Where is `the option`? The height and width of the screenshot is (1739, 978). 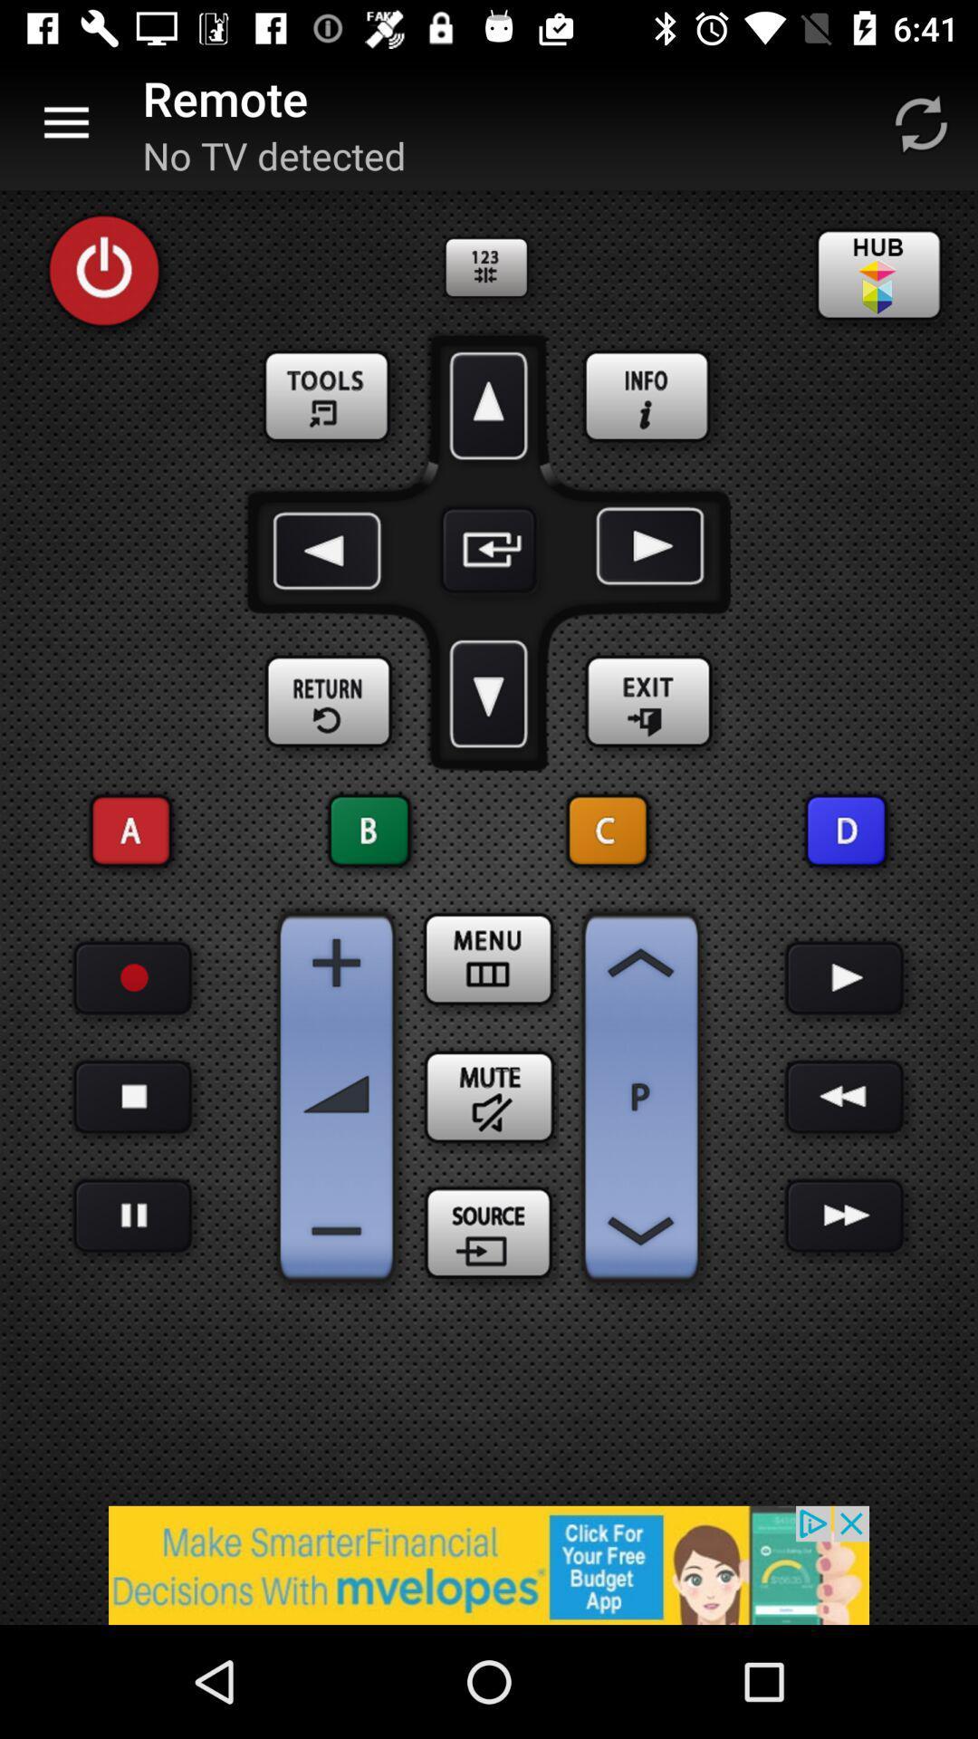
the option is located at coordinates (369, 830).